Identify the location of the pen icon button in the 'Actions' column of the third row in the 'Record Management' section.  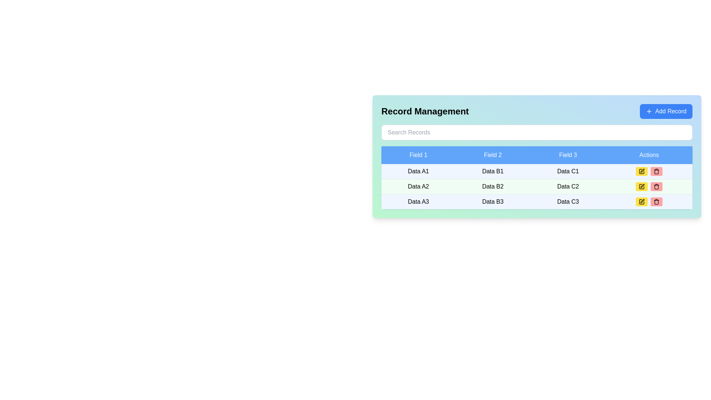
(642, 201).